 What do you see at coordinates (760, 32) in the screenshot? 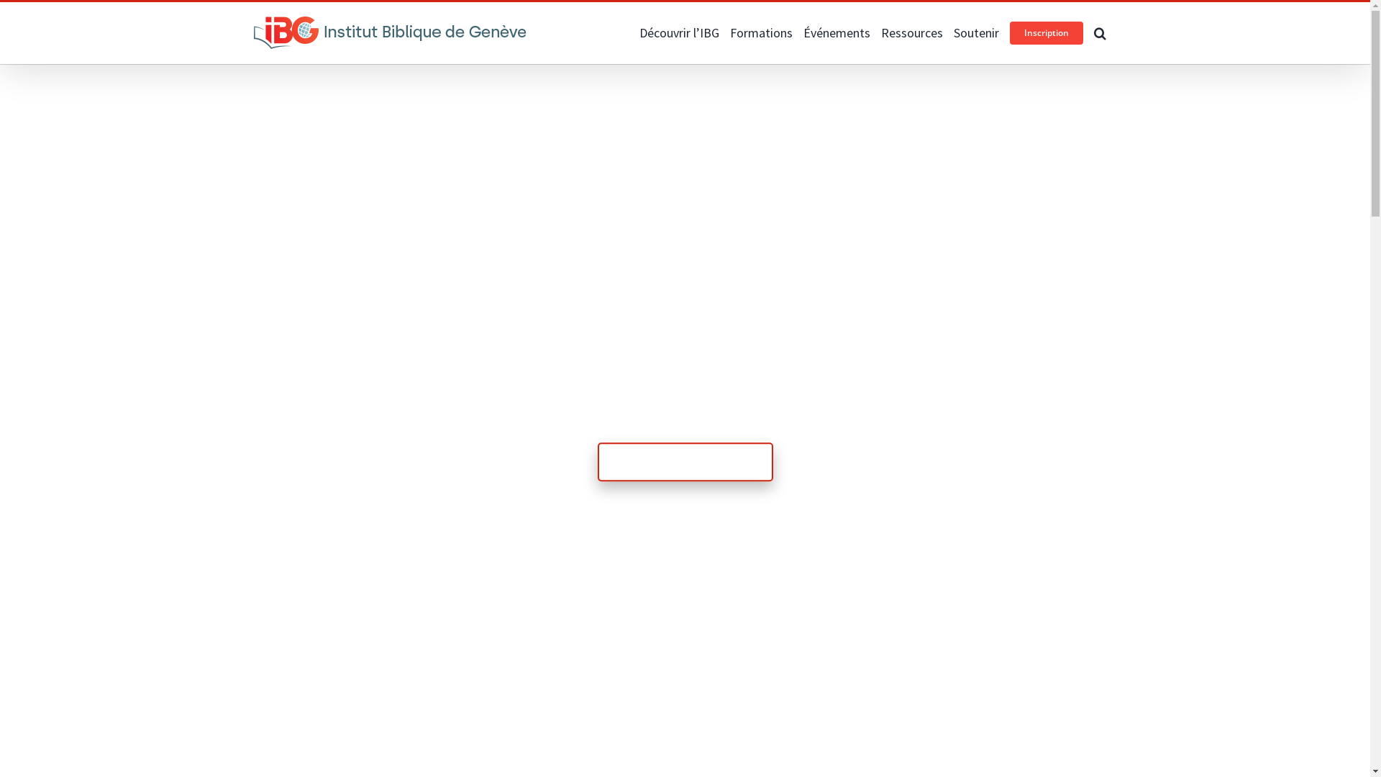
I see `'Formations'` at bounding box center [760, 32].